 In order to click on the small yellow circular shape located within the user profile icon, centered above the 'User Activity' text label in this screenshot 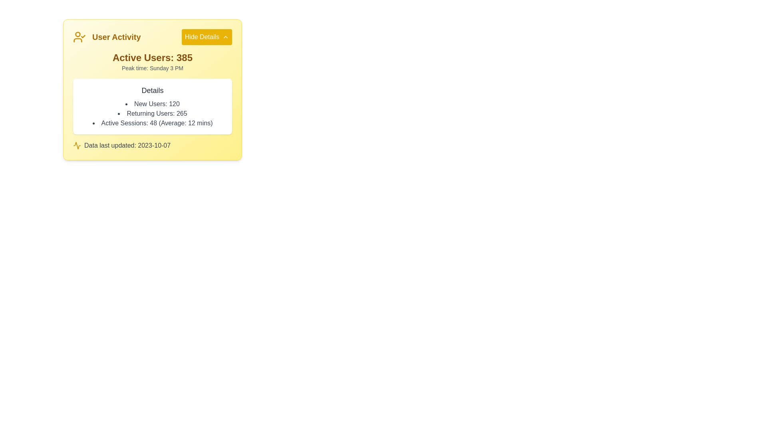, I will do `click(78, 34)`.